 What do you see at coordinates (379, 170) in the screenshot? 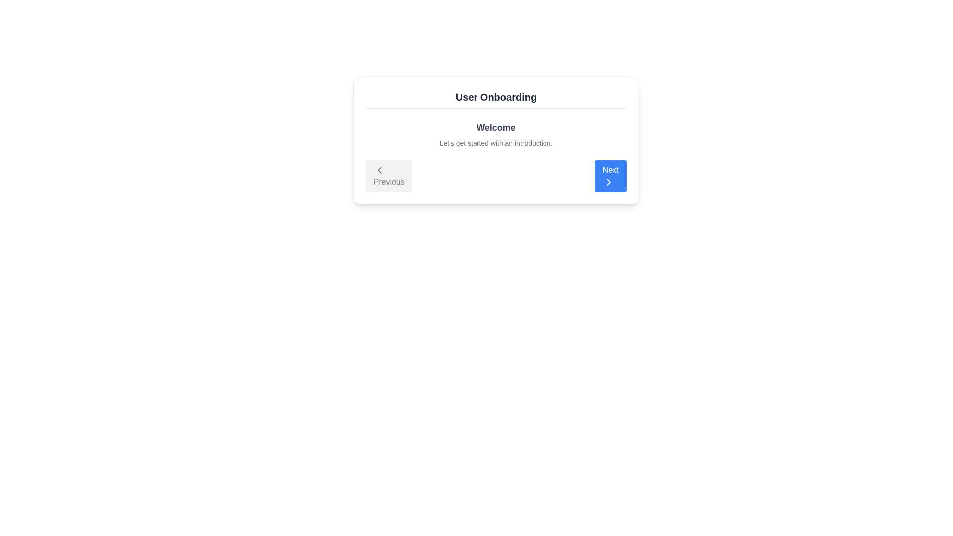
I see `the left-pointing chevron icon within the 'Previous' button at the bottom left section of the user onboarding card interface` at bounding box center [379, 170].